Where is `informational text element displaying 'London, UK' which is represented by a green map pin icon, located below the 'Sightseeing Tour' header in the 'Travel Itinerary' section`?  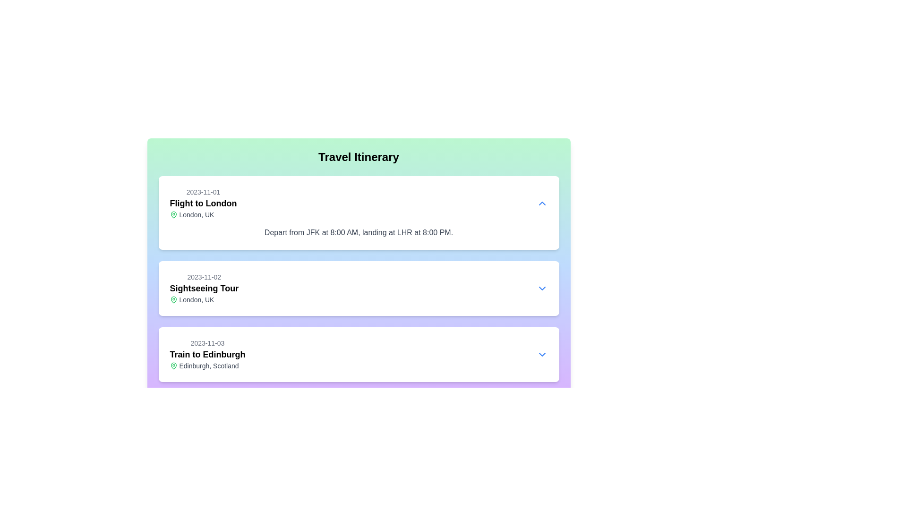
informational text element displaying 'London, UK' which is represented by a green map pin icon, located below the 'Sightseeing Tour' header in the 'Travel Itinerary' section is located at coordinates (204, 300).